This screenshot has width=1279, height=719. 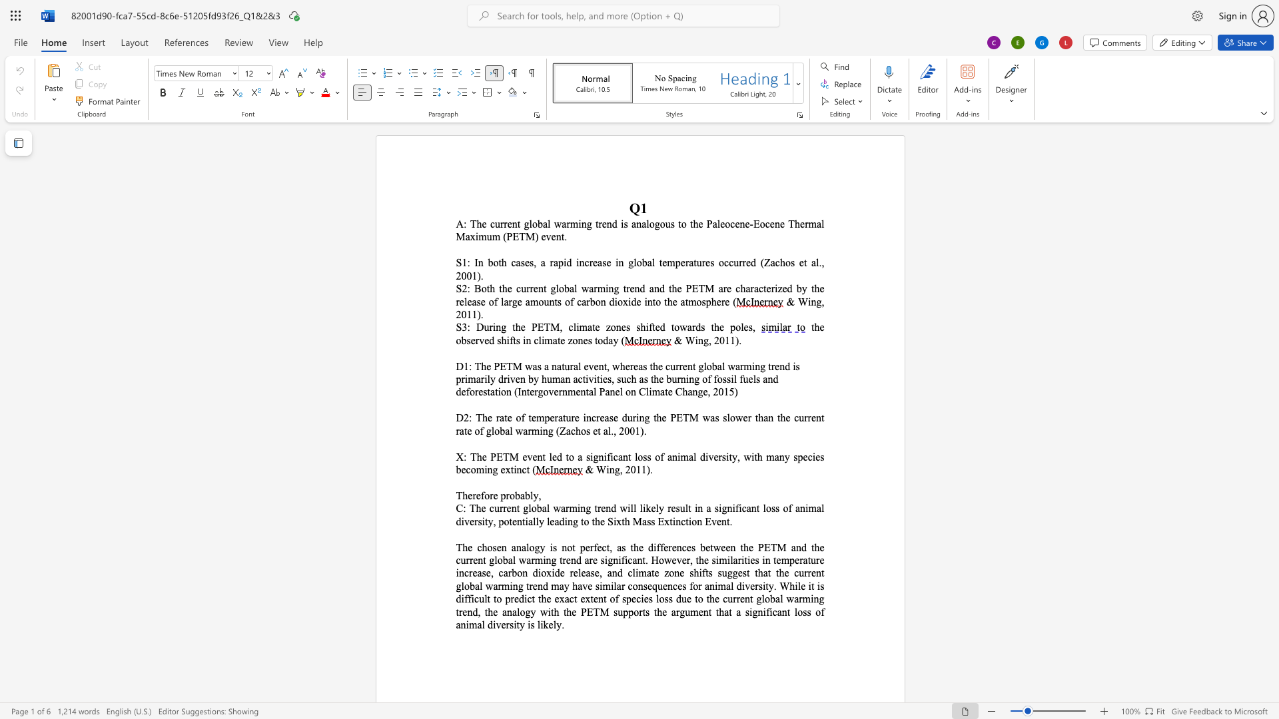 I want to click on the 1th character "n" in the text, so click(x=611, y=469).